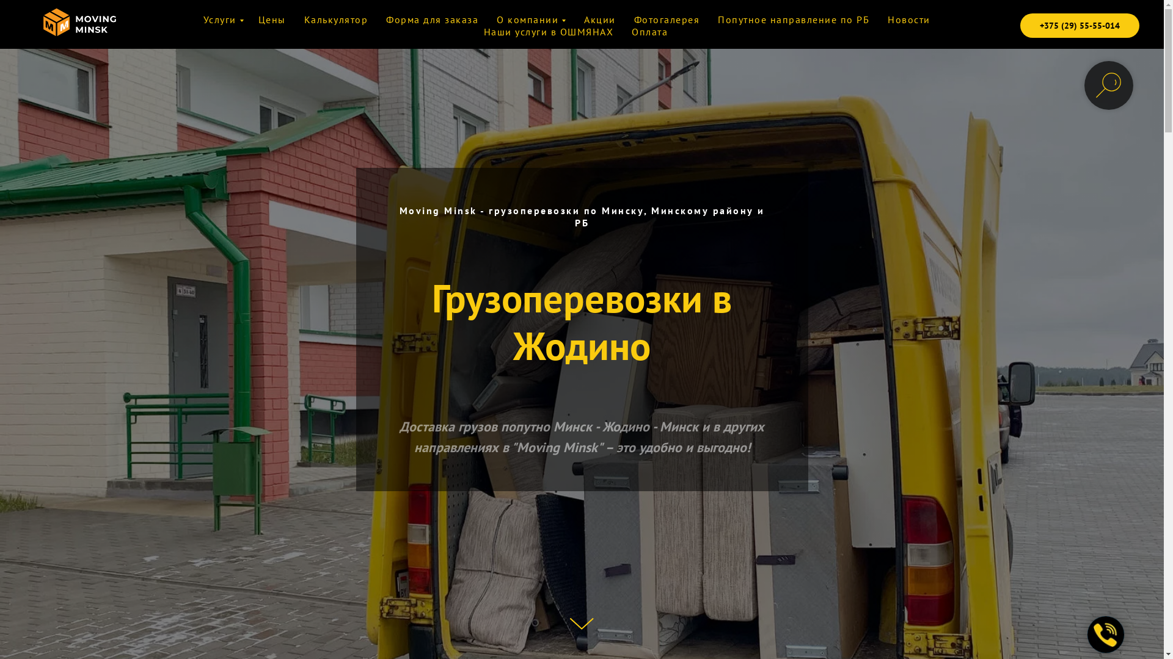 The height and width of the screenshot is (659, 1173). What do you see at coordinates (1080, 26) in the screenshot?
I see `'+375 (29) 55-55-014'` at bounding box center [1080, 26].